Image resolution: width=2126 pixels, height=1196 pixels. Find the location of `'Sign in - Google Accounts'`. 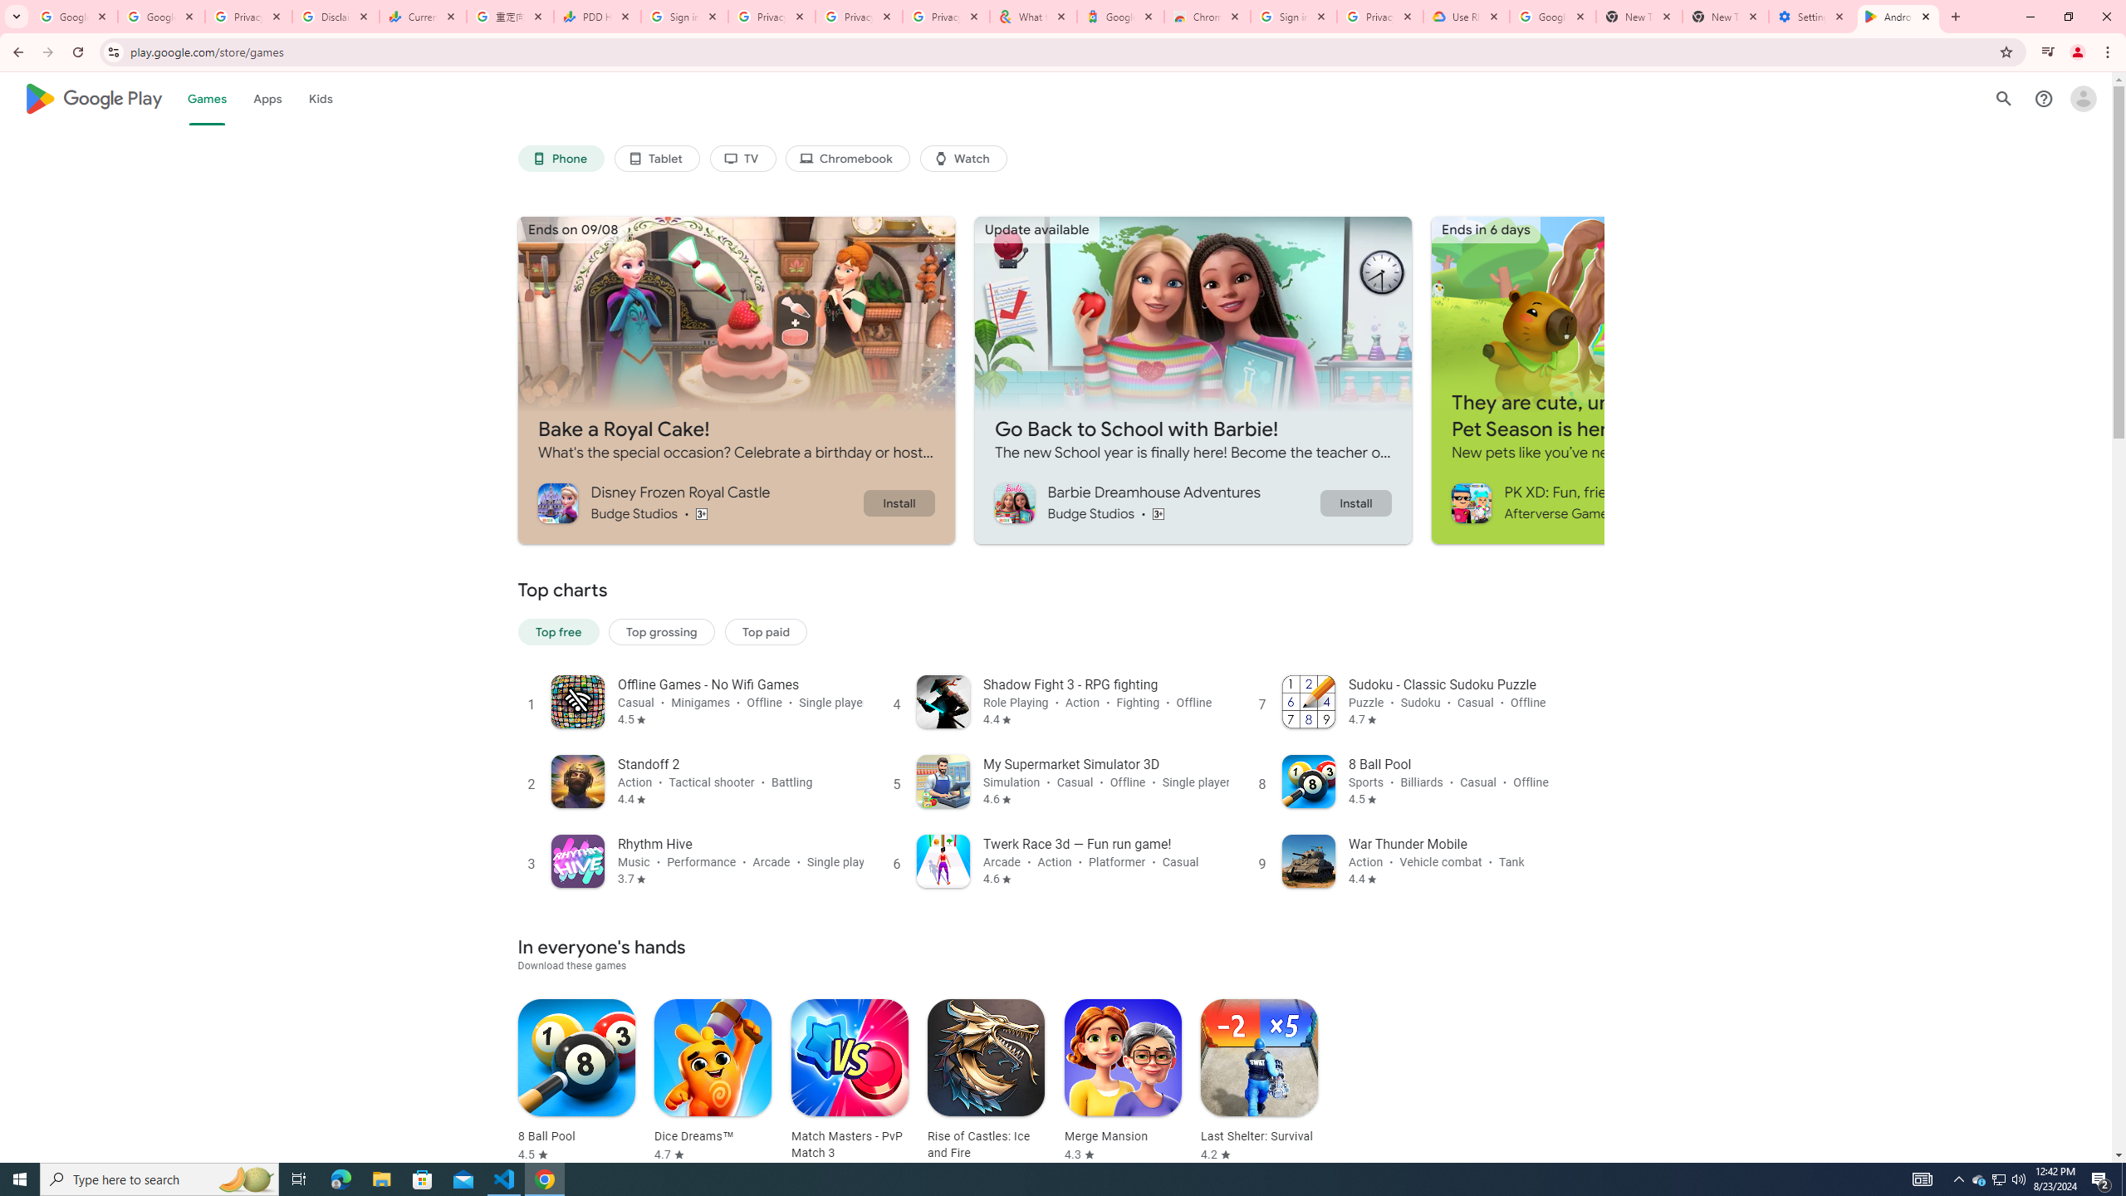

'Sign in - Google Accounts' is located at coordinates (683, 16).